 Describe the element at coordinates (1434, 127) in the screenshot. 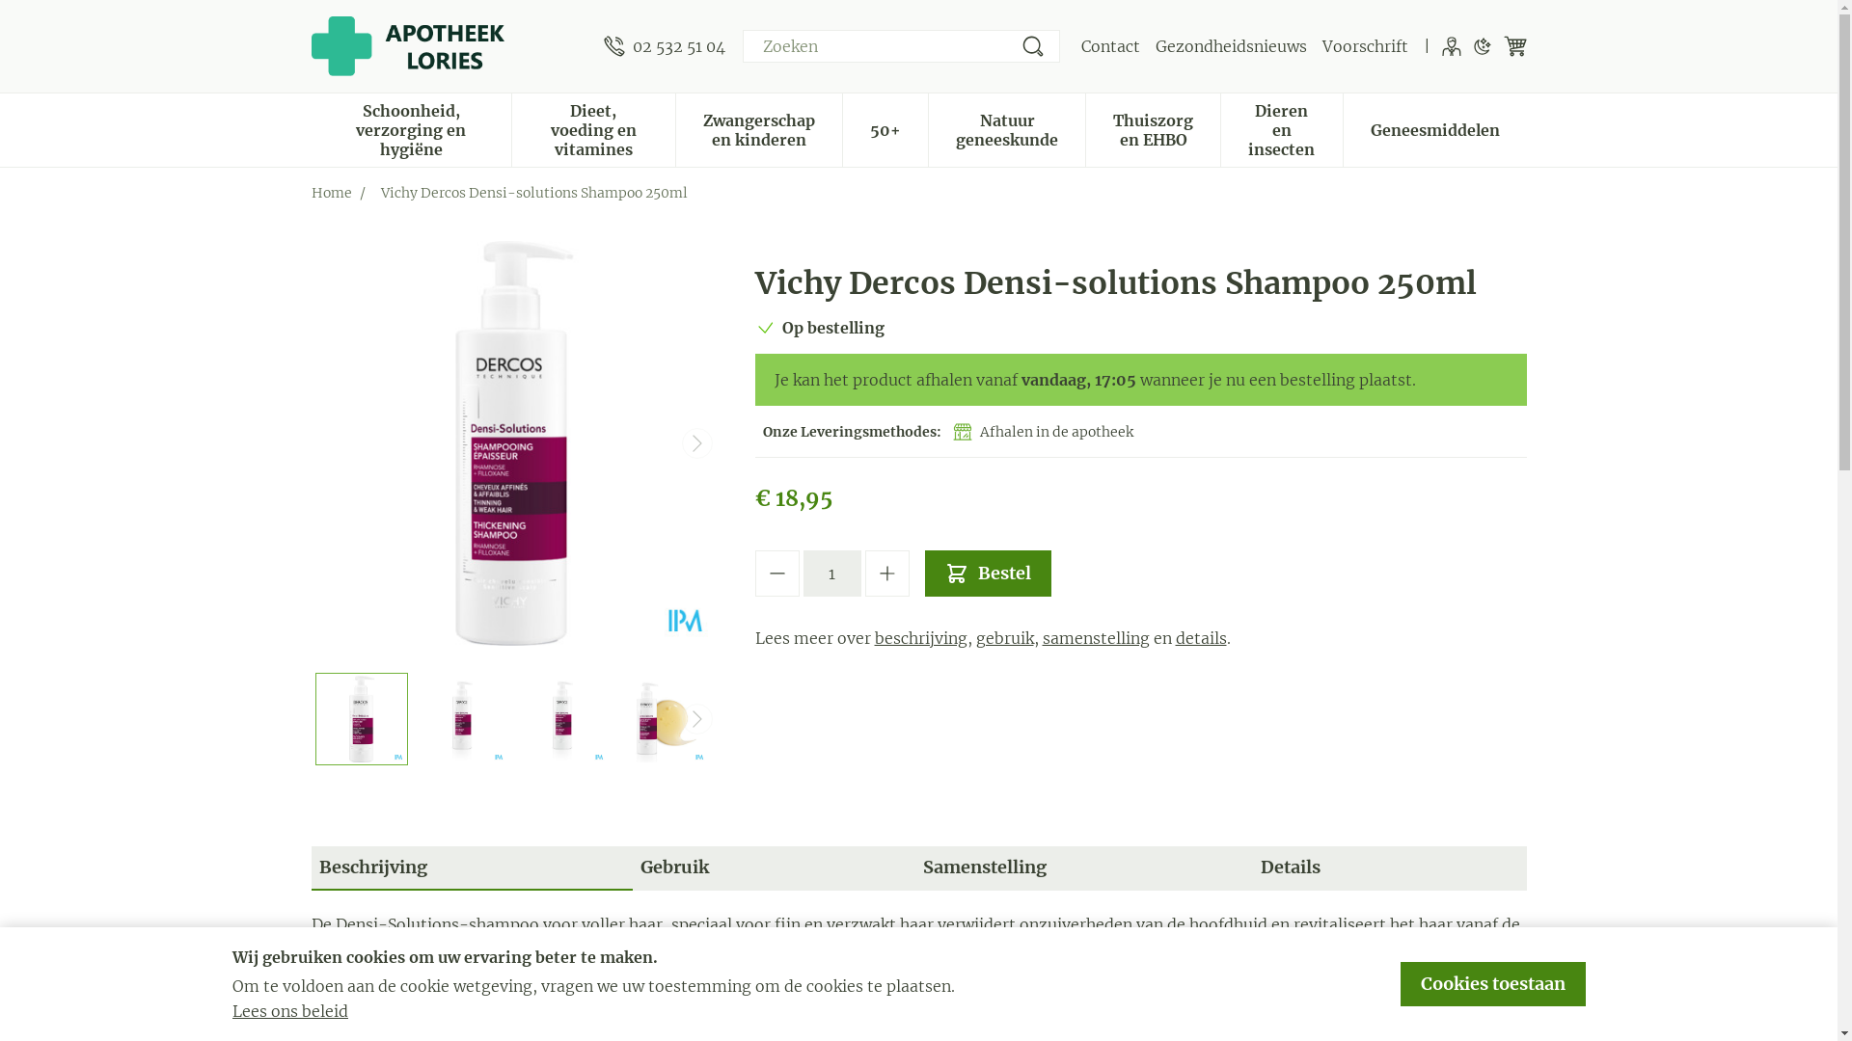

I see `'Geneesmiddelen'` at that location.